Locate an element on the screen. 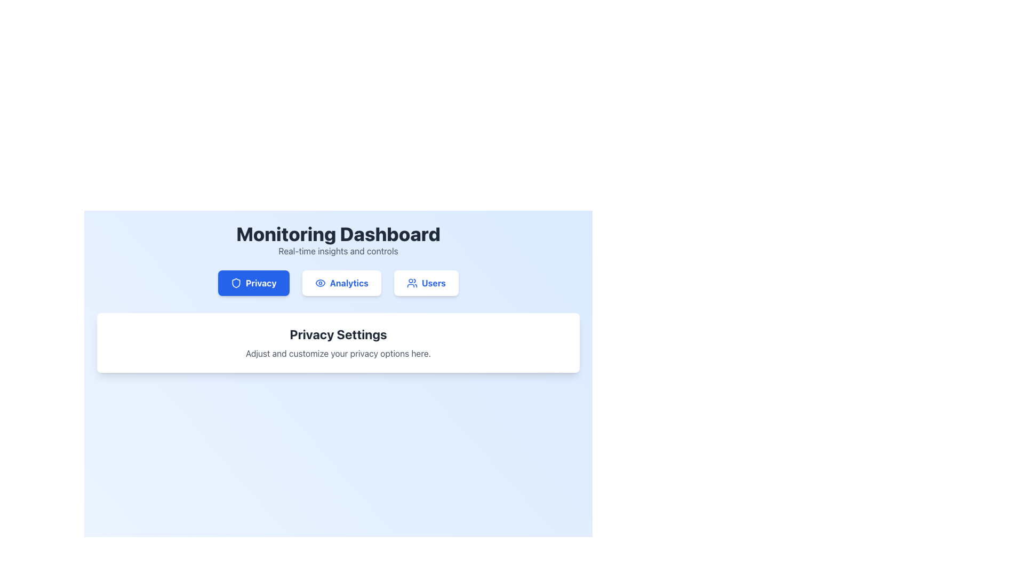 This screenshot has height=576, width=1024. the middle button in the horizontal row of three buttons is located at coordinates (341, 283).